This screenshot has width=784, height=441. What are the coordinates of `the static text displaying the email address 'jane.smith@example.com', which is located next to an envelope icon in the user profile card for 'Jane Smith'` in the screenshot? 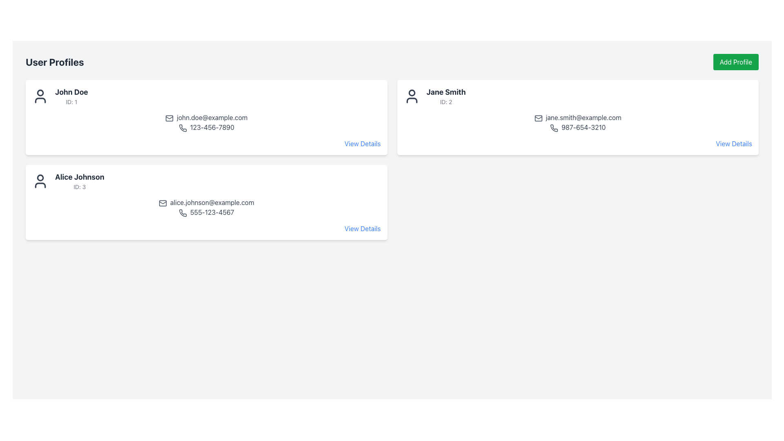 It's located at (577, 118).